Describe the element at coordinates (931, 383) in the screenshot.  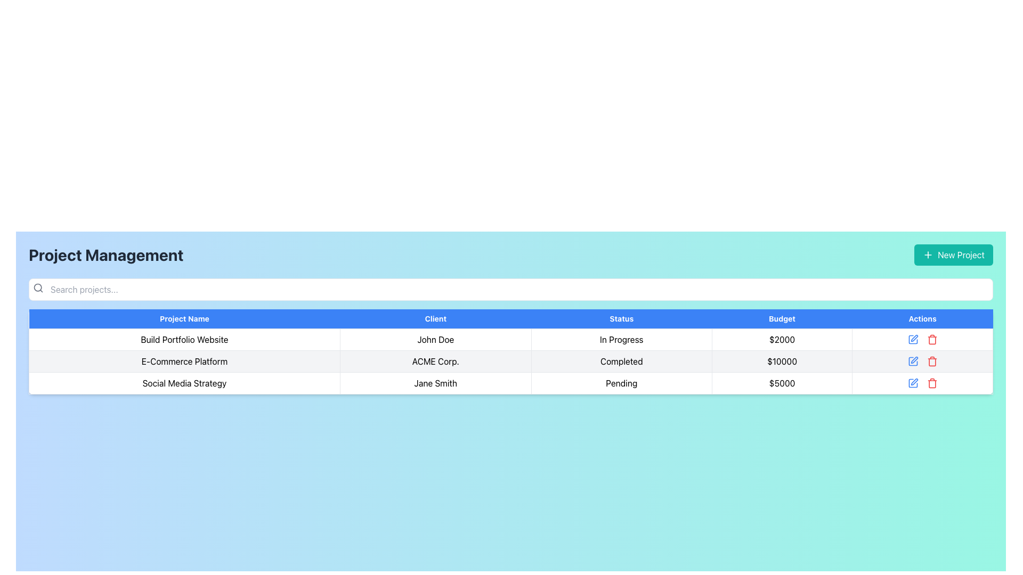
I see `the red trash can icon in the last row of the 'Actions' column` at that location.